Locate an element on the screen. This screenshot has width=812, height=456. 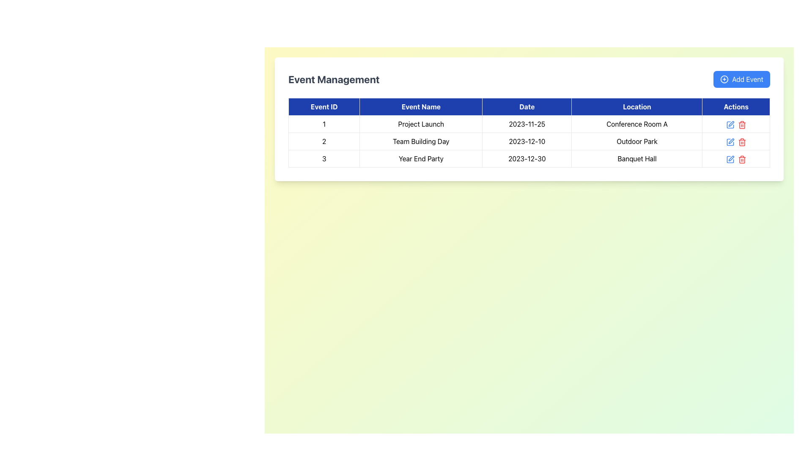
text from the blue-colored table header cell labeled 'Location', which is the fourth cell in the table header row is located at coordinates (637, 106).